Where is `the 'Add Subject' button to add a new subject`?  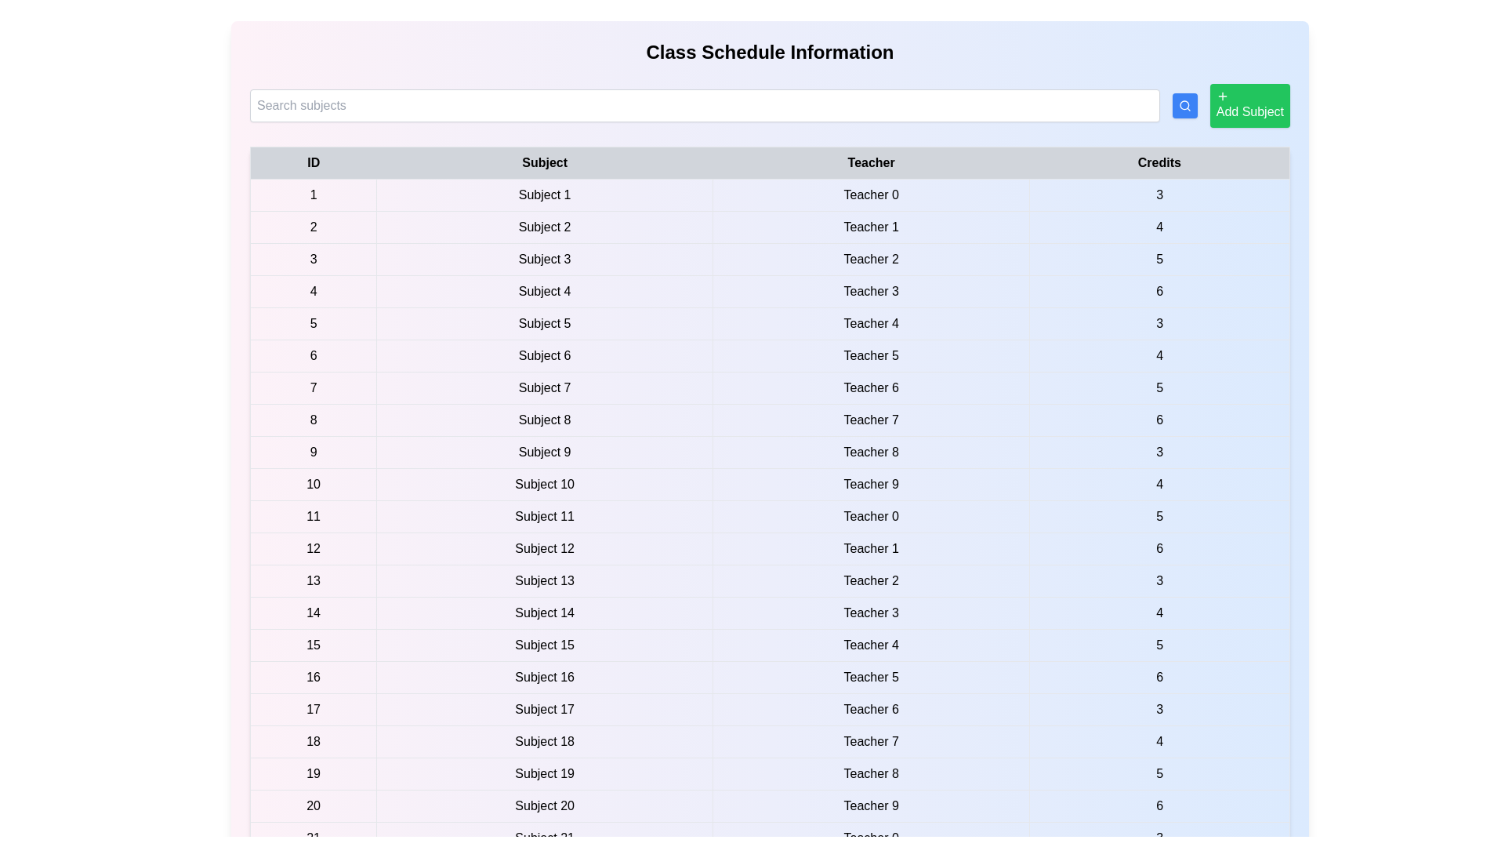 the 'Add Subject' button to add a new subject is located at coordinates (1248, 106).